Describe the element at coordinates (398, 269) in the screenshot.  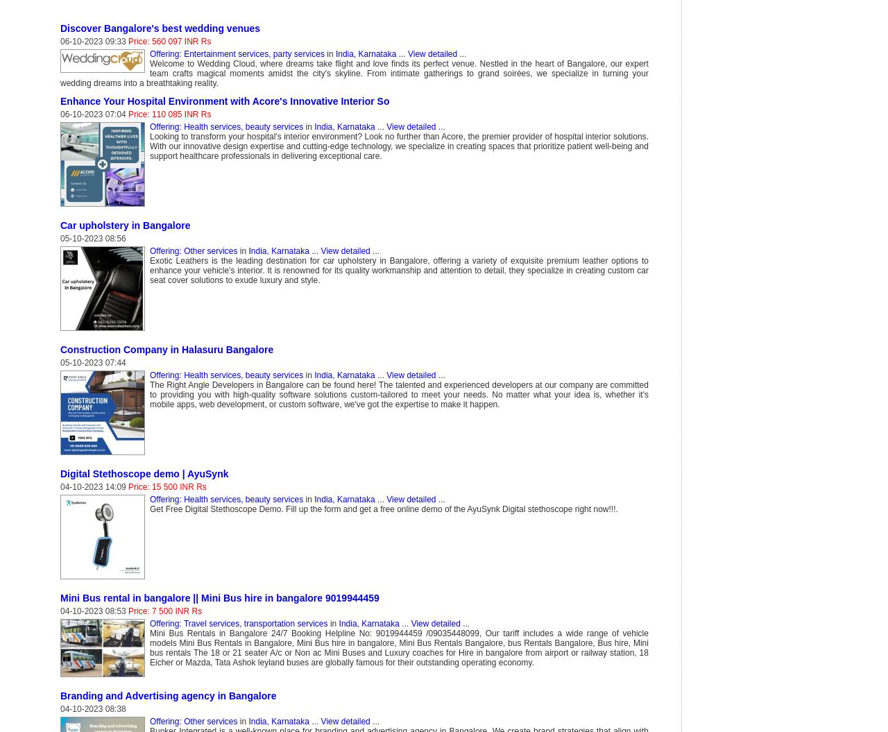
I see `'Exotic Leathers is the leading destination for car upholstery in Bangalore,  offering a variety of exquisite premium leather options to enhance your vehicle's interior. It is renowned for its quality workmanship and attention to detail,  they specialize in creating custom car seat cover solutions to exude luxury and style.'` at that location.